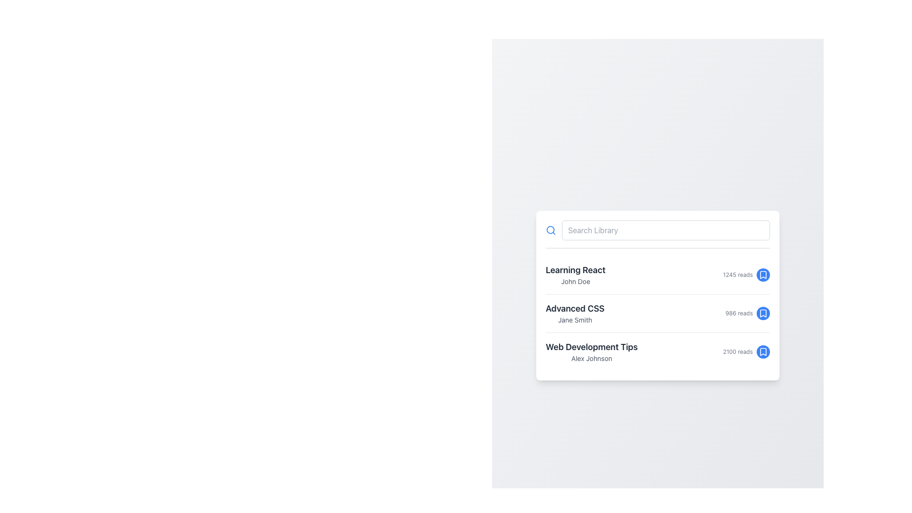 The width and height of the screenshot is (912, 513). Describe the element at coordinates (657, 351) in the screenshot. I see `the third list item representing a specific article with a bookmark icon for keyboard navigation` at that location.